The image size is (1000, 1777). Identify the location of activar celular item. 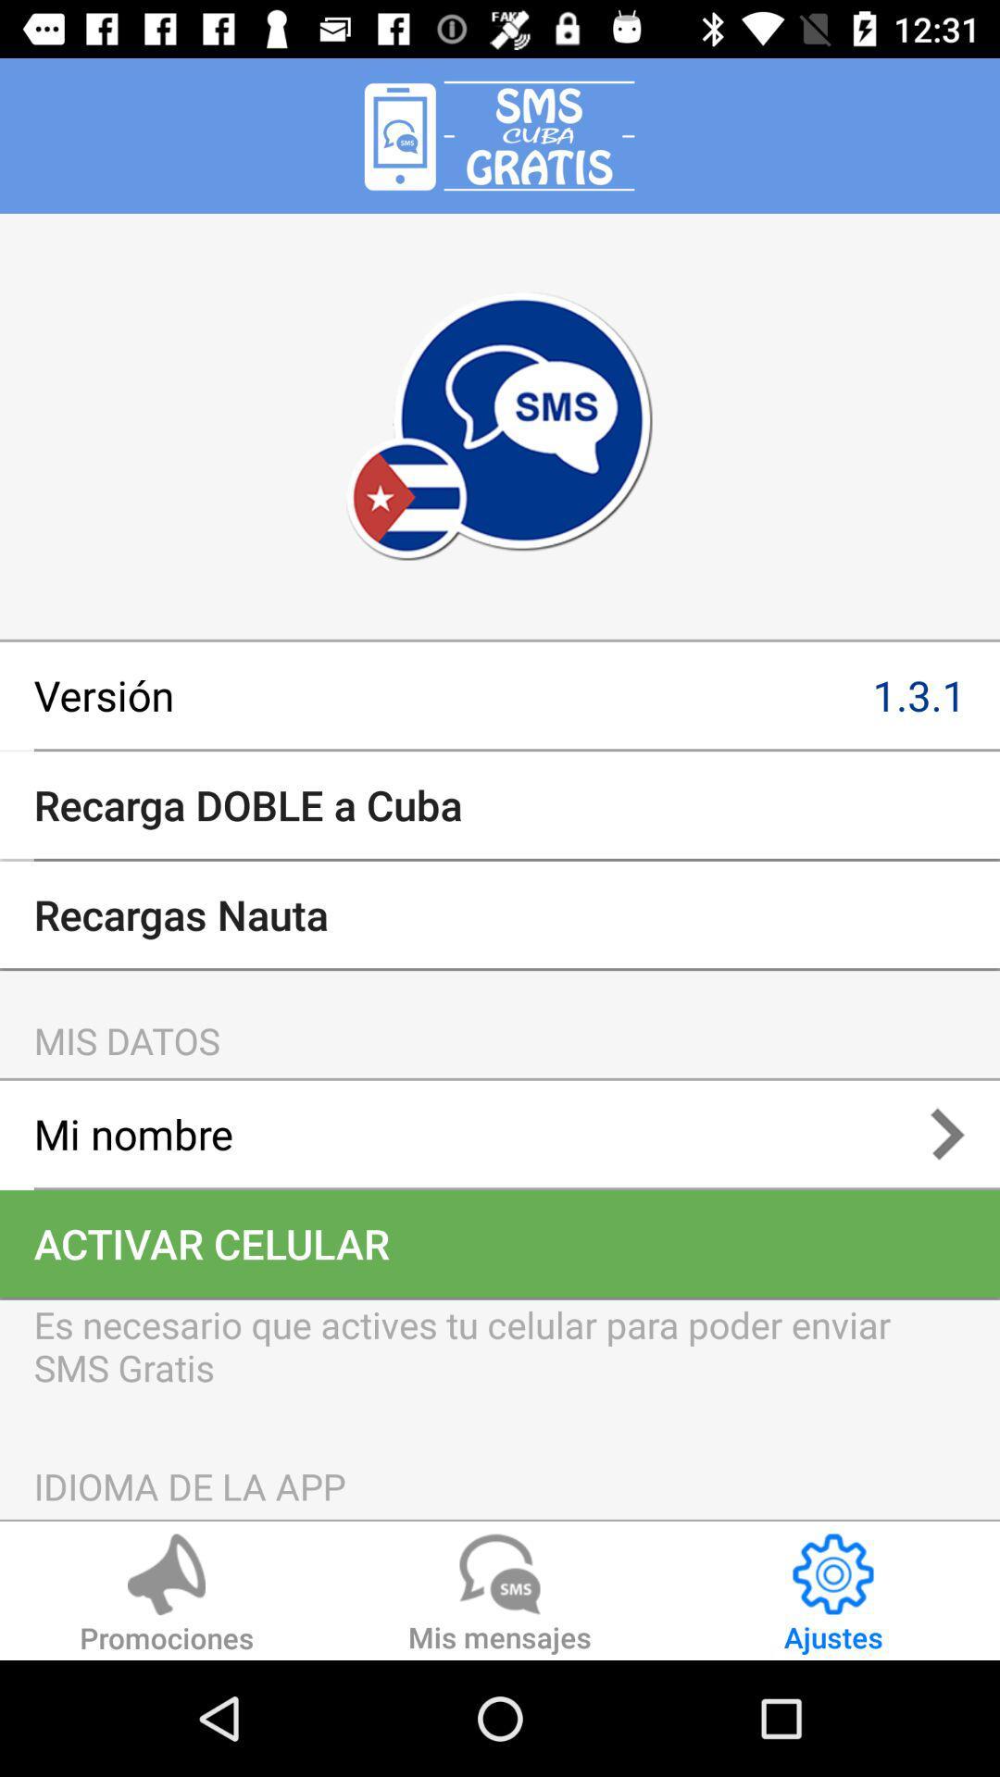
(500, 1244).